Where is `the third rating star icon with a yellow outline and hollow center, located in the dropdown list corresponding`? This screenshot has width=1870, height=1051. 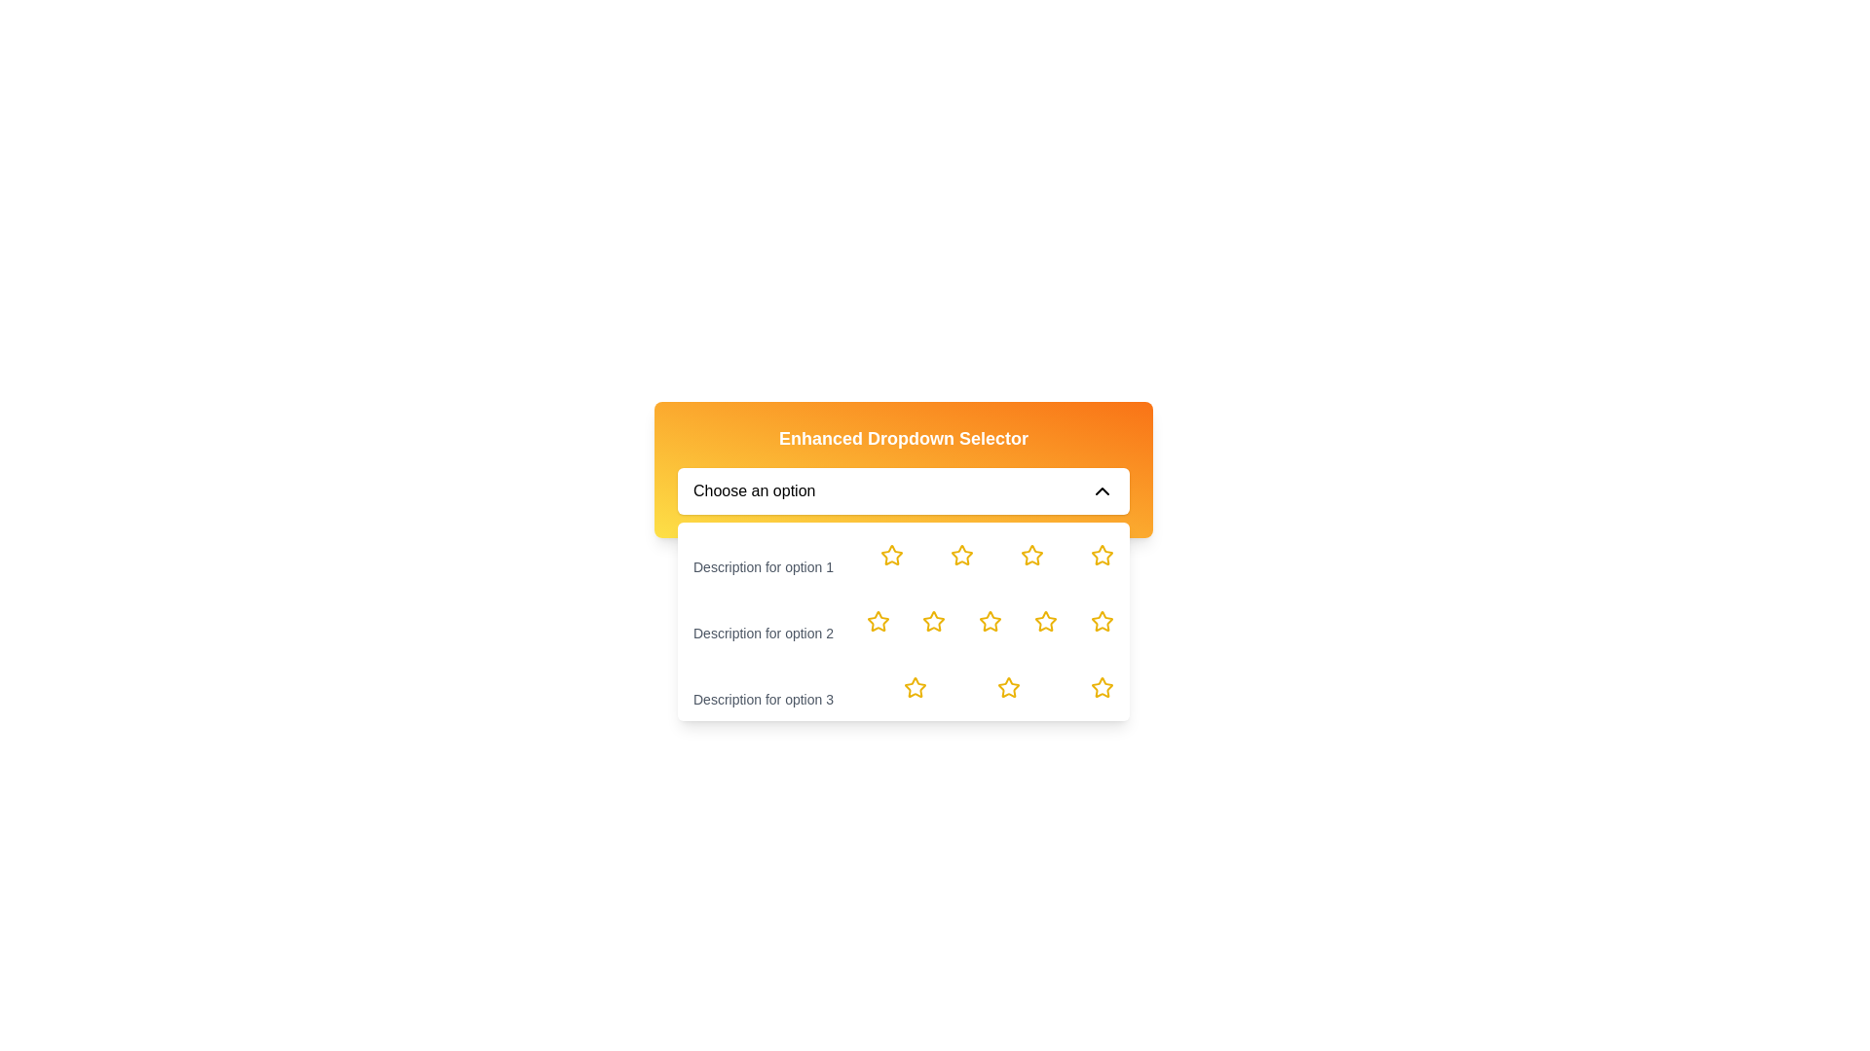
the third rating star icon with a yellow outline and hollow center, located in the dropdown list corresponding is located at coordinates (877, 621).